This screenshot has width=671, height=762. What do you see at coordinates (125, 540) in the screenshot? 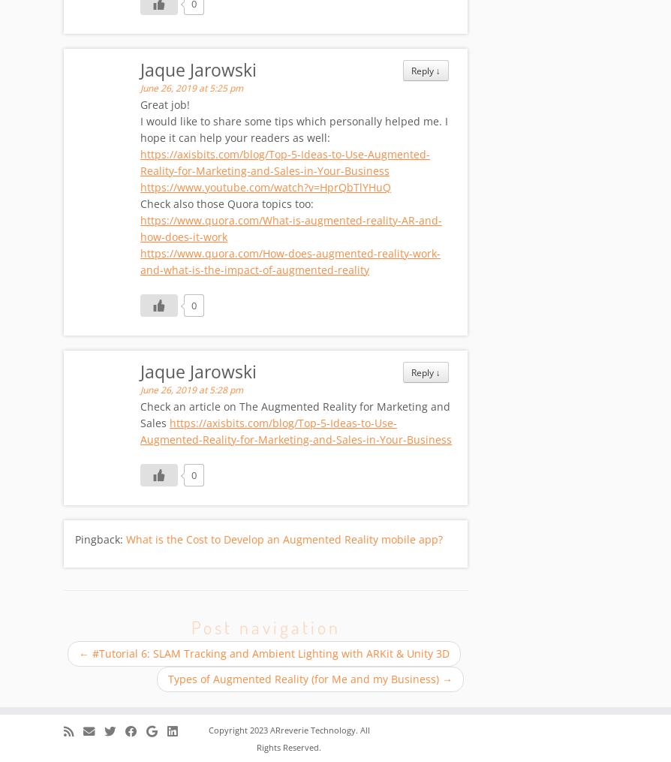
I see `'What is the Cost to Develop an Augmented Reality mobile app?'` at bounding box center [125, 540].